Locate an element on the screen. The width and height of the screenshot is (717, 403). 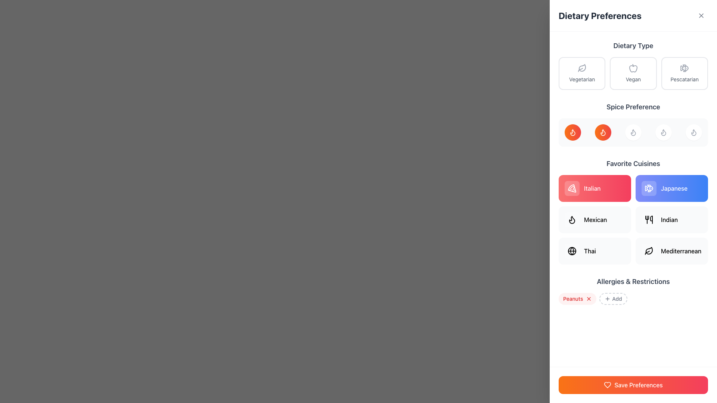
the leftmost selectable button for spice preference to set it to the lowest level is located at coordinates (572, 132).